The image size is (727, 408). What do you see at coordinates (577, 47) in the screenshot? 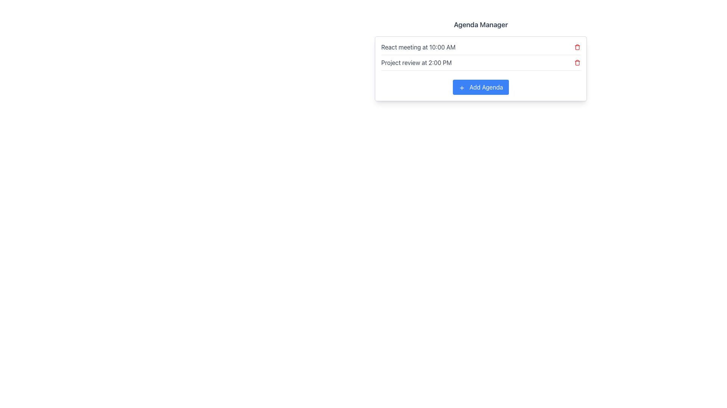
I see `the trash can icon button, which is red and located to the right of the text 'React meeting at 10:00 AM'` at bounding box center [577, 47].